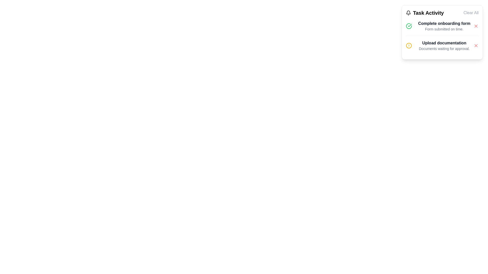  What do you see at coordinates (408, 12) in the screenshot?
I see `the decorative graphic within the bell icon located in the top-left corner of the 'Task Activity' panel` at bounding box center [408, 12].